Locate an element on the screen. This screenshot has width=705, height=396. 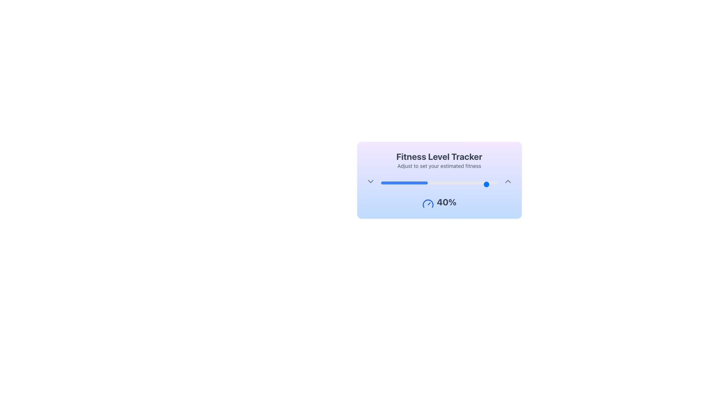
the fitness level is located at coordinates (482, 182).